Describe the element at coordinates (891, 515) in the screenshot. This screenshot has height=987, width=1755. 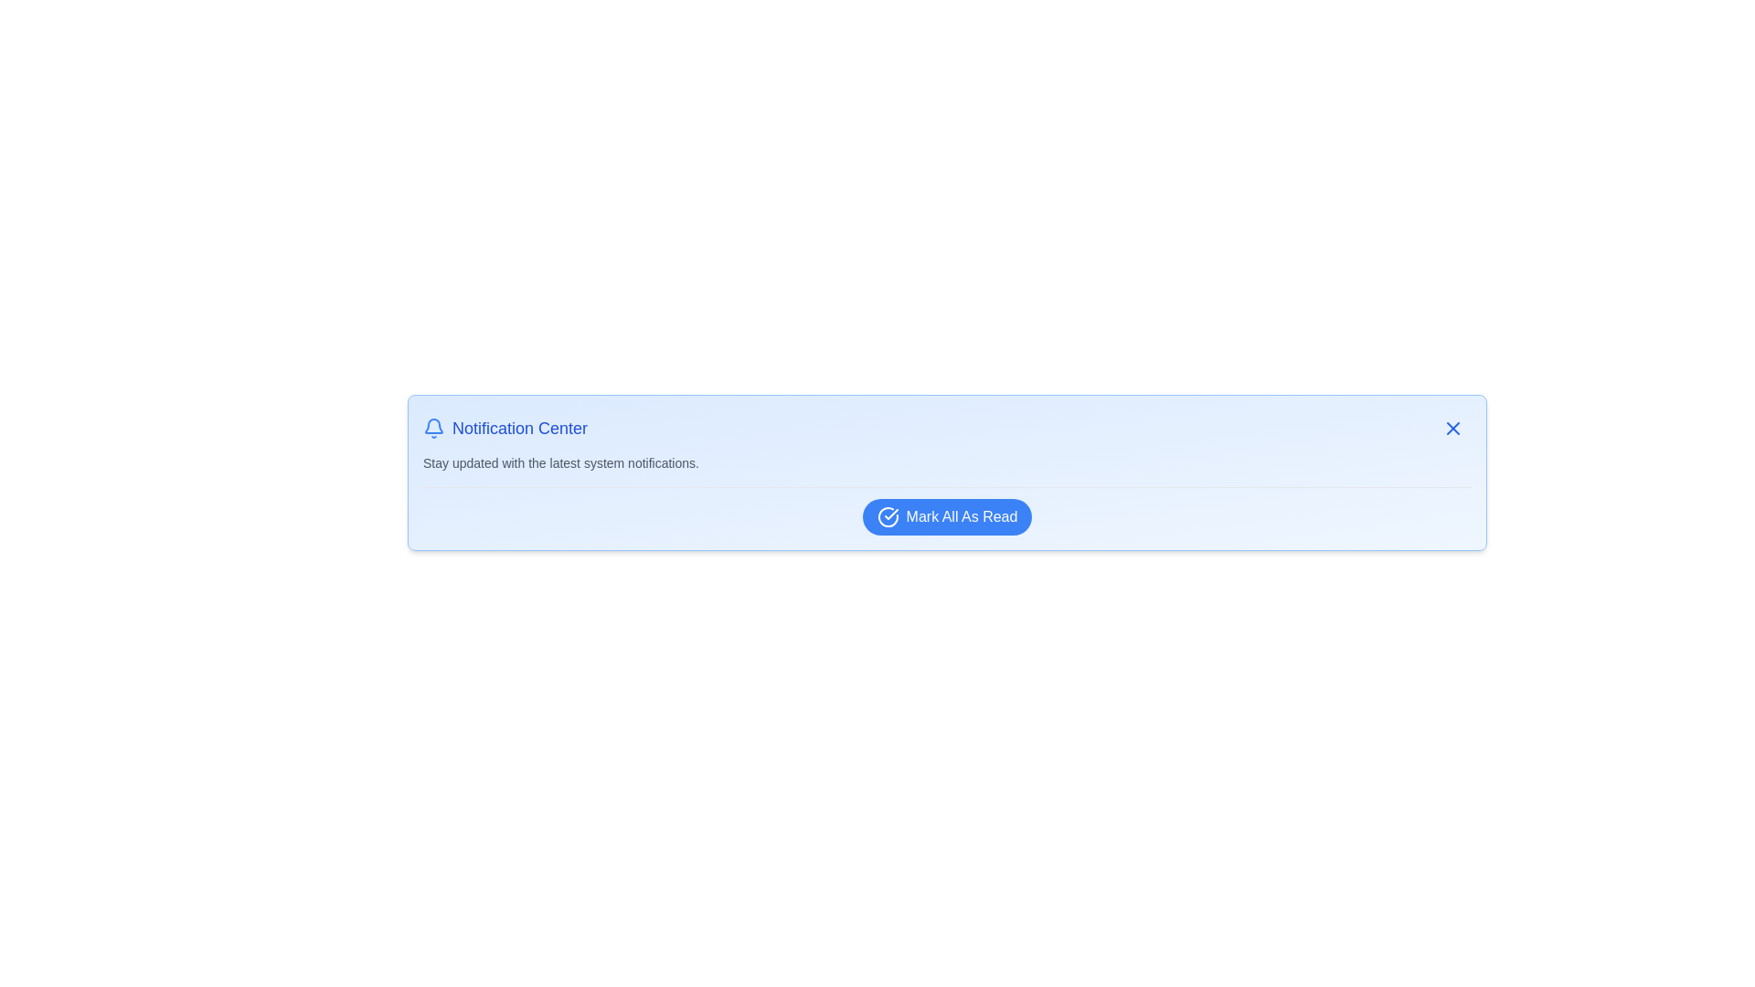
I see `the checkmark icon within the 'Mark All As Read' button, which is distinguished by a white stroke on a blue background and is located in the middle-right of the notification panel` at that location.